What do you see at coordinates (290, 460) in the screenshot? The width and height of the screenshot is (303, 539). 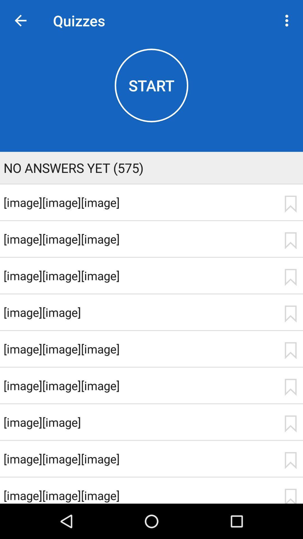 I see `the icon next to the [image][image][image] app` at bounding box center [290, 460].